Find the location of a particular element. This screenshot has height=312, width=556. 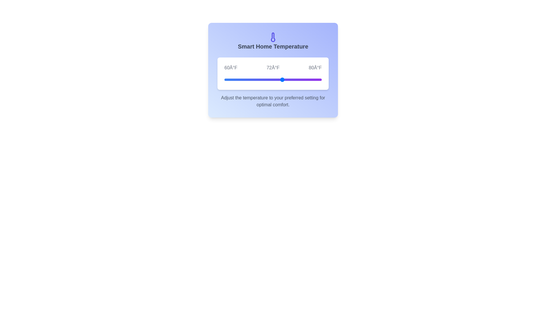

the temperature slider to 62°F is located at coordinates (234, 80).